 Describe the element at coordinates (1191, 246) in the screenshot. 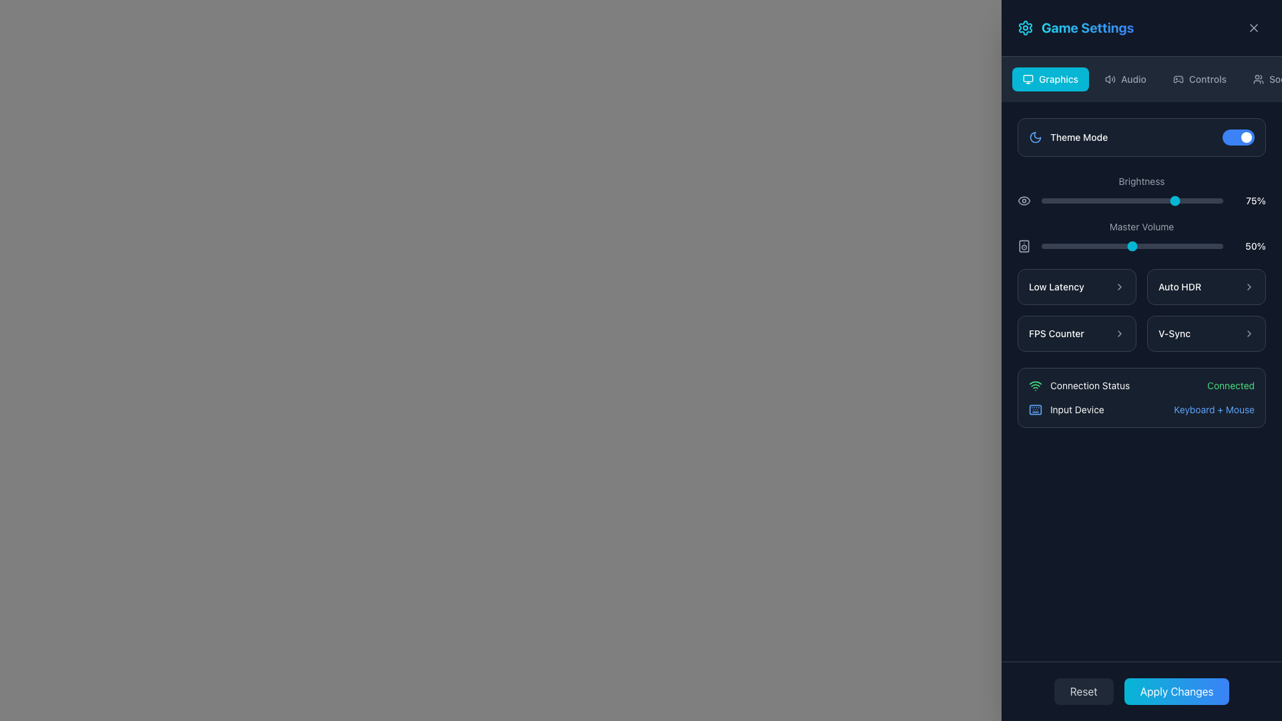

I see `the Master Volume` at that location.